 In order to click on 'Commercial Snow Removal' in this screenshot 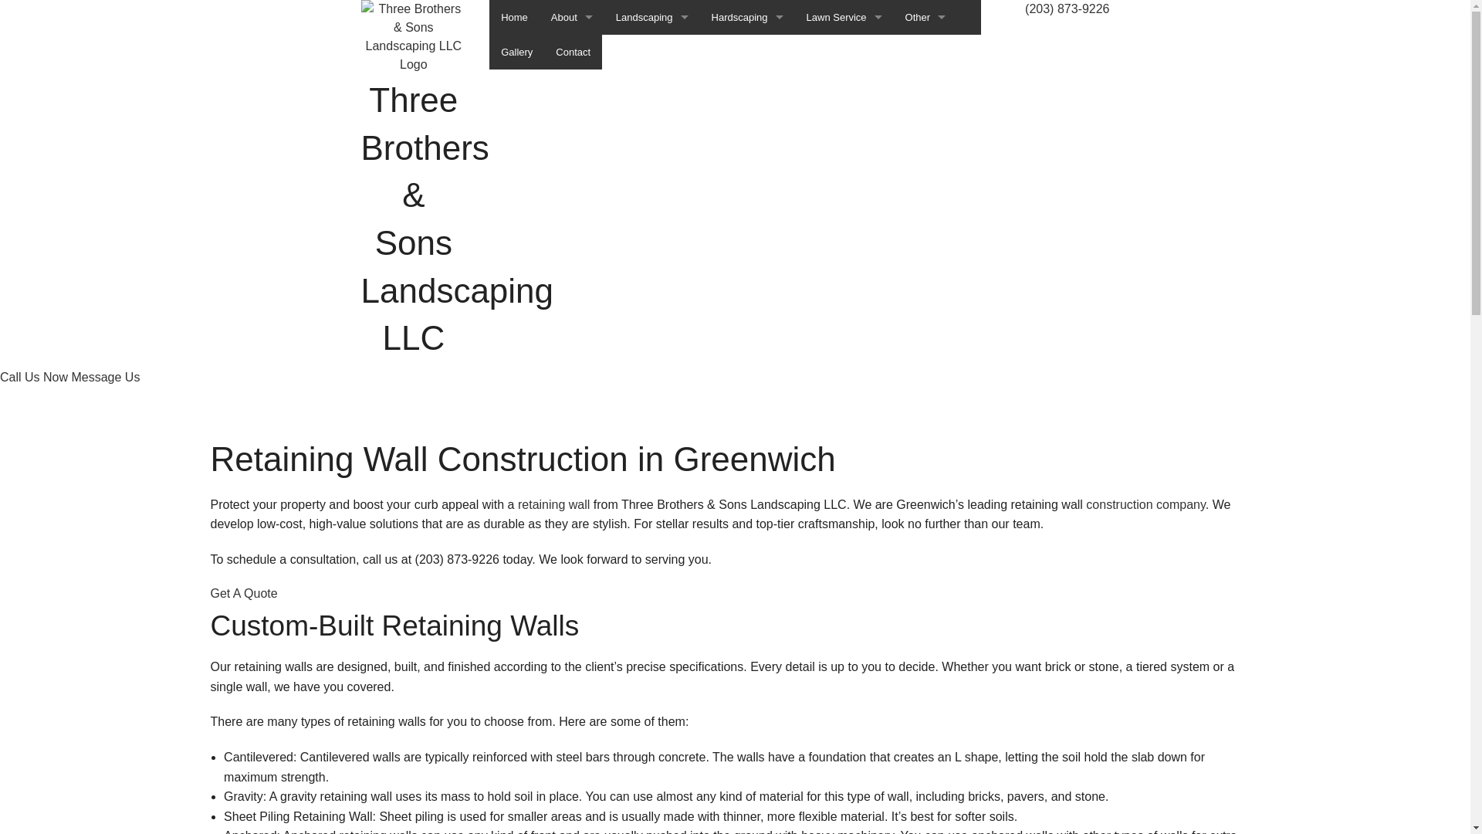, I will do `click(925, 503)`.